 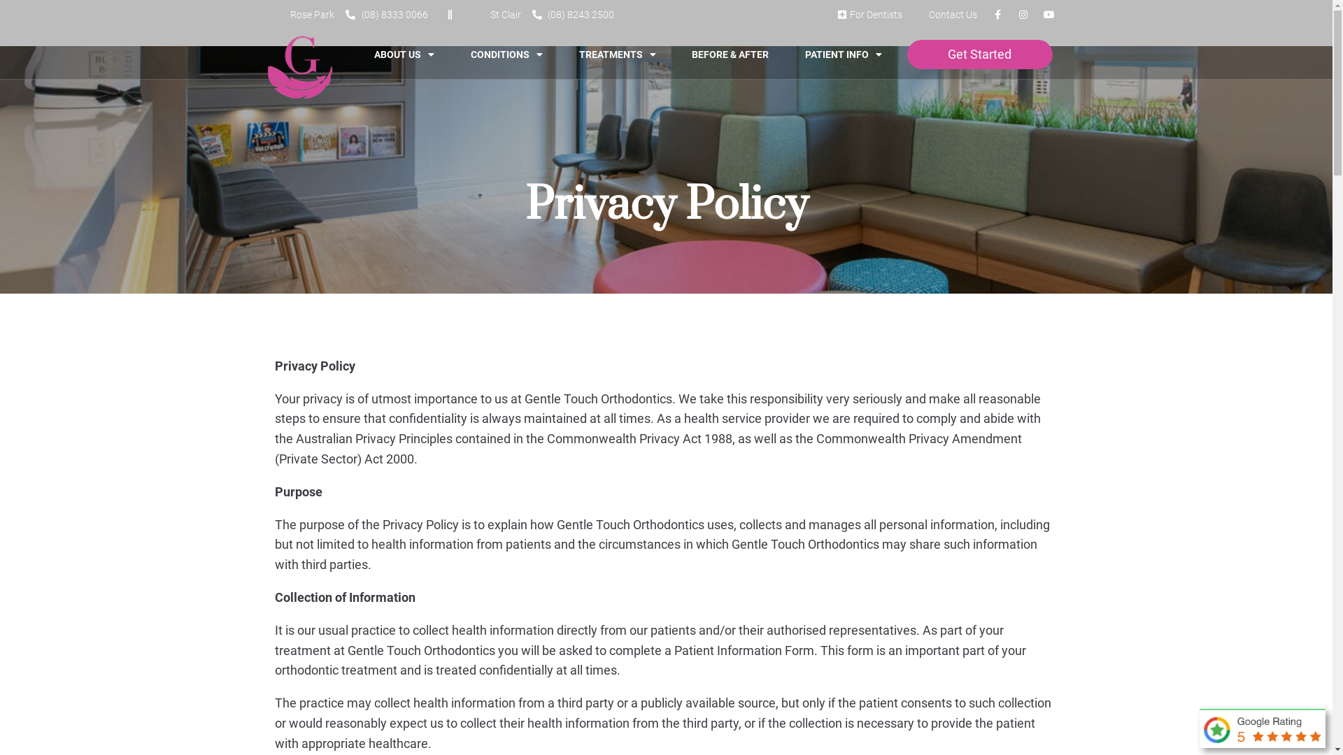 I want to click on 'CONDITIONS', so click(x=506, y=53).